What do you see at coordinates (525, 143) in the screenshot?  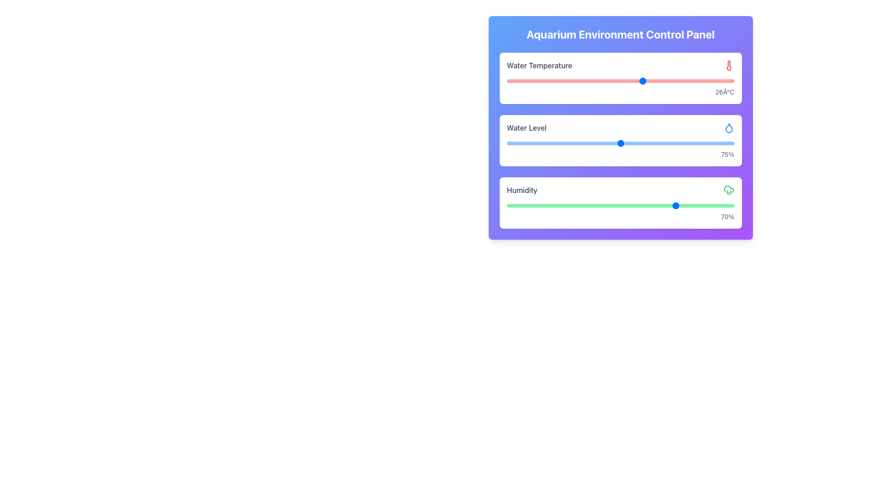 I see `water level` at bounding box center [525, 143].